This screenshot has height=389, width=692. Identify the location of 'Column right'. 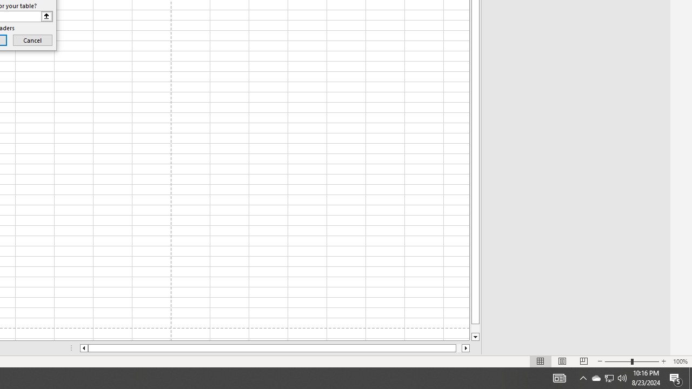
(466, 348).